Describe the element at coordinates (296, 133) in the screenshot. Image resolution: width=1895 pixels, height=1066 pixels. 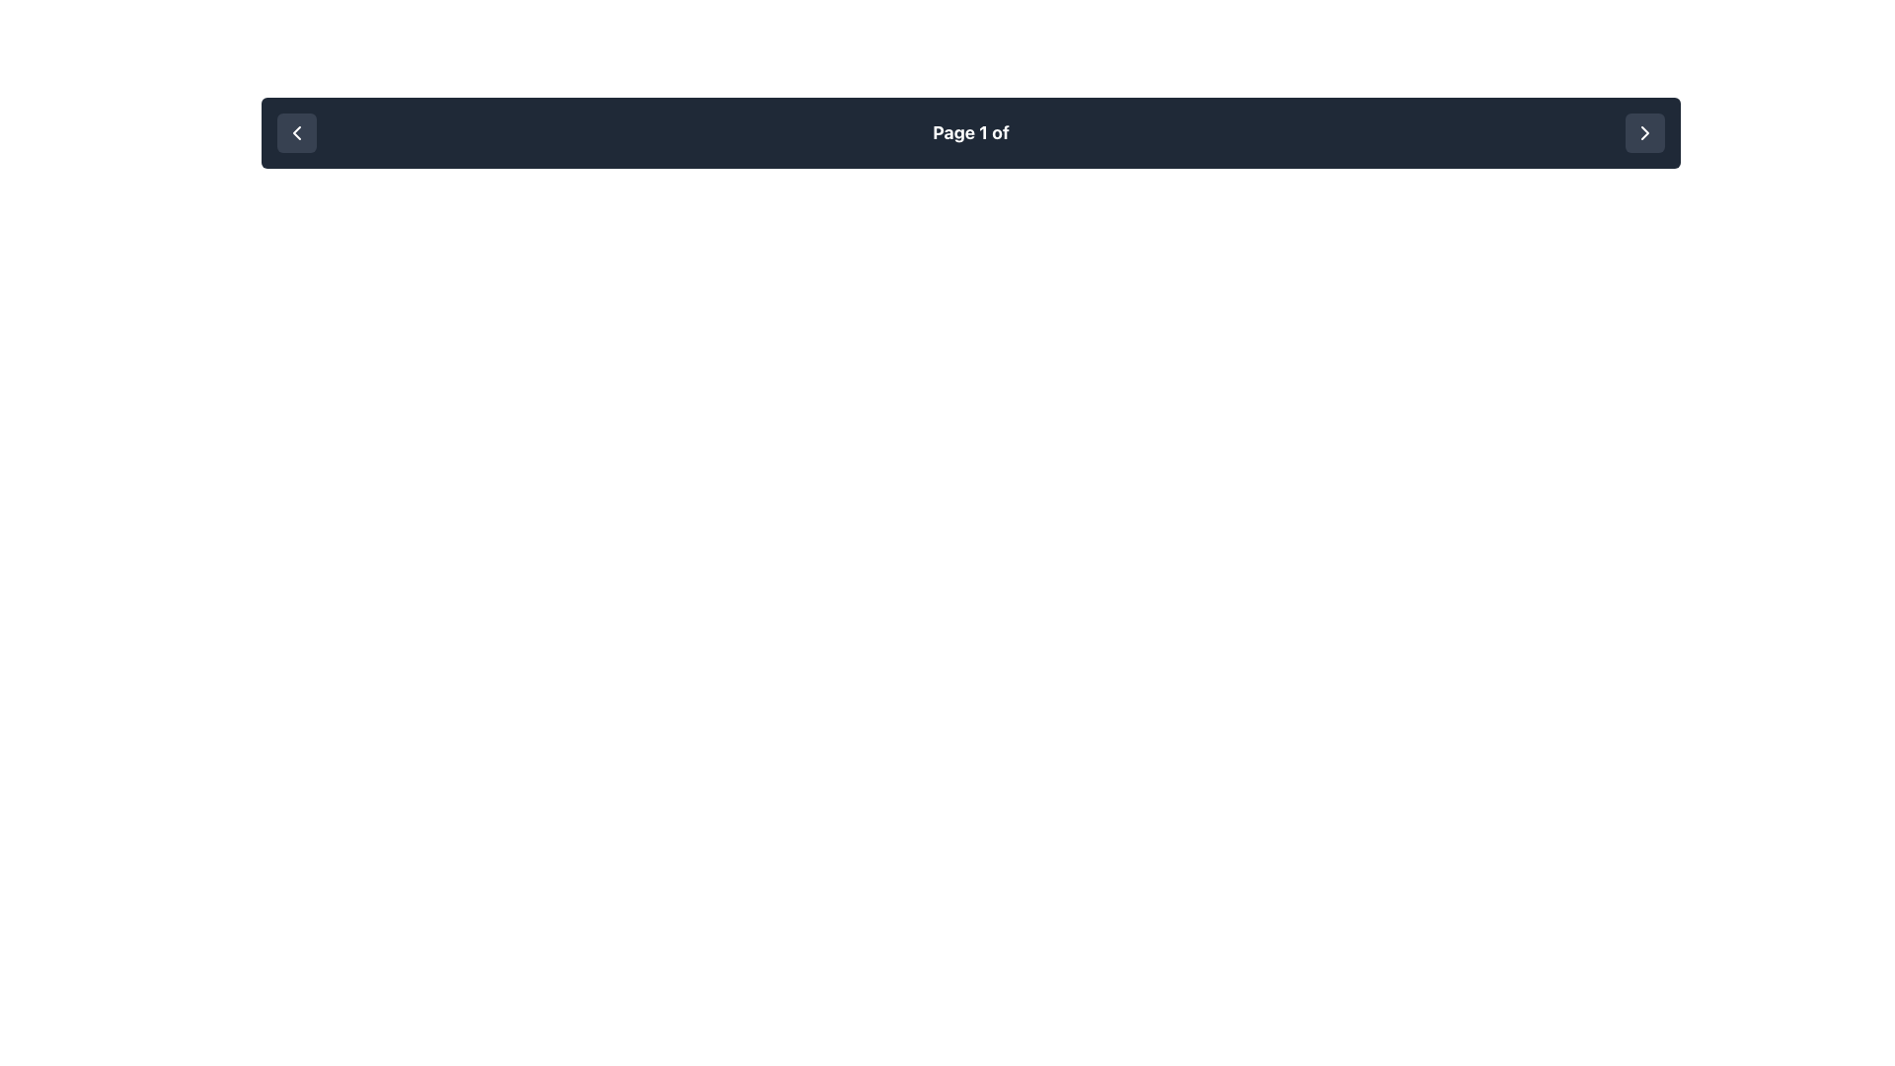
I see `the left-aligned chevron icon located within the dark rectangular button on the far-left side of the top navigation bar` at that location.